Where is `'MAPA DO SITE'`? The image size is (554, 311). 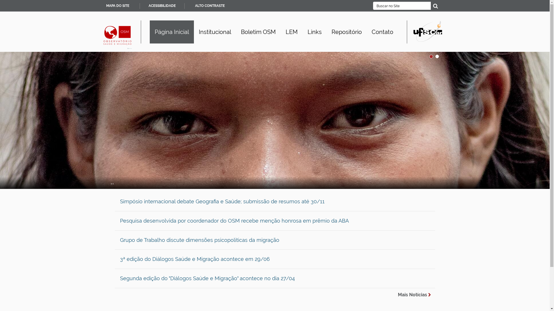
'MAPA DO SITE' is located at coordinates (117, 5).